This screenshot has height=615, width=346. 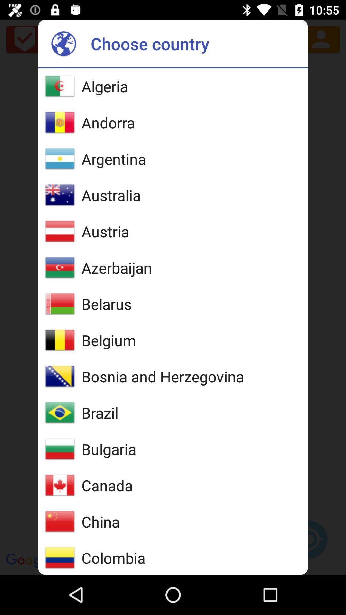 What do you see at coordinates (111, 195) in the screenshot?
I see `the australia` at bounding box center [111, 195].